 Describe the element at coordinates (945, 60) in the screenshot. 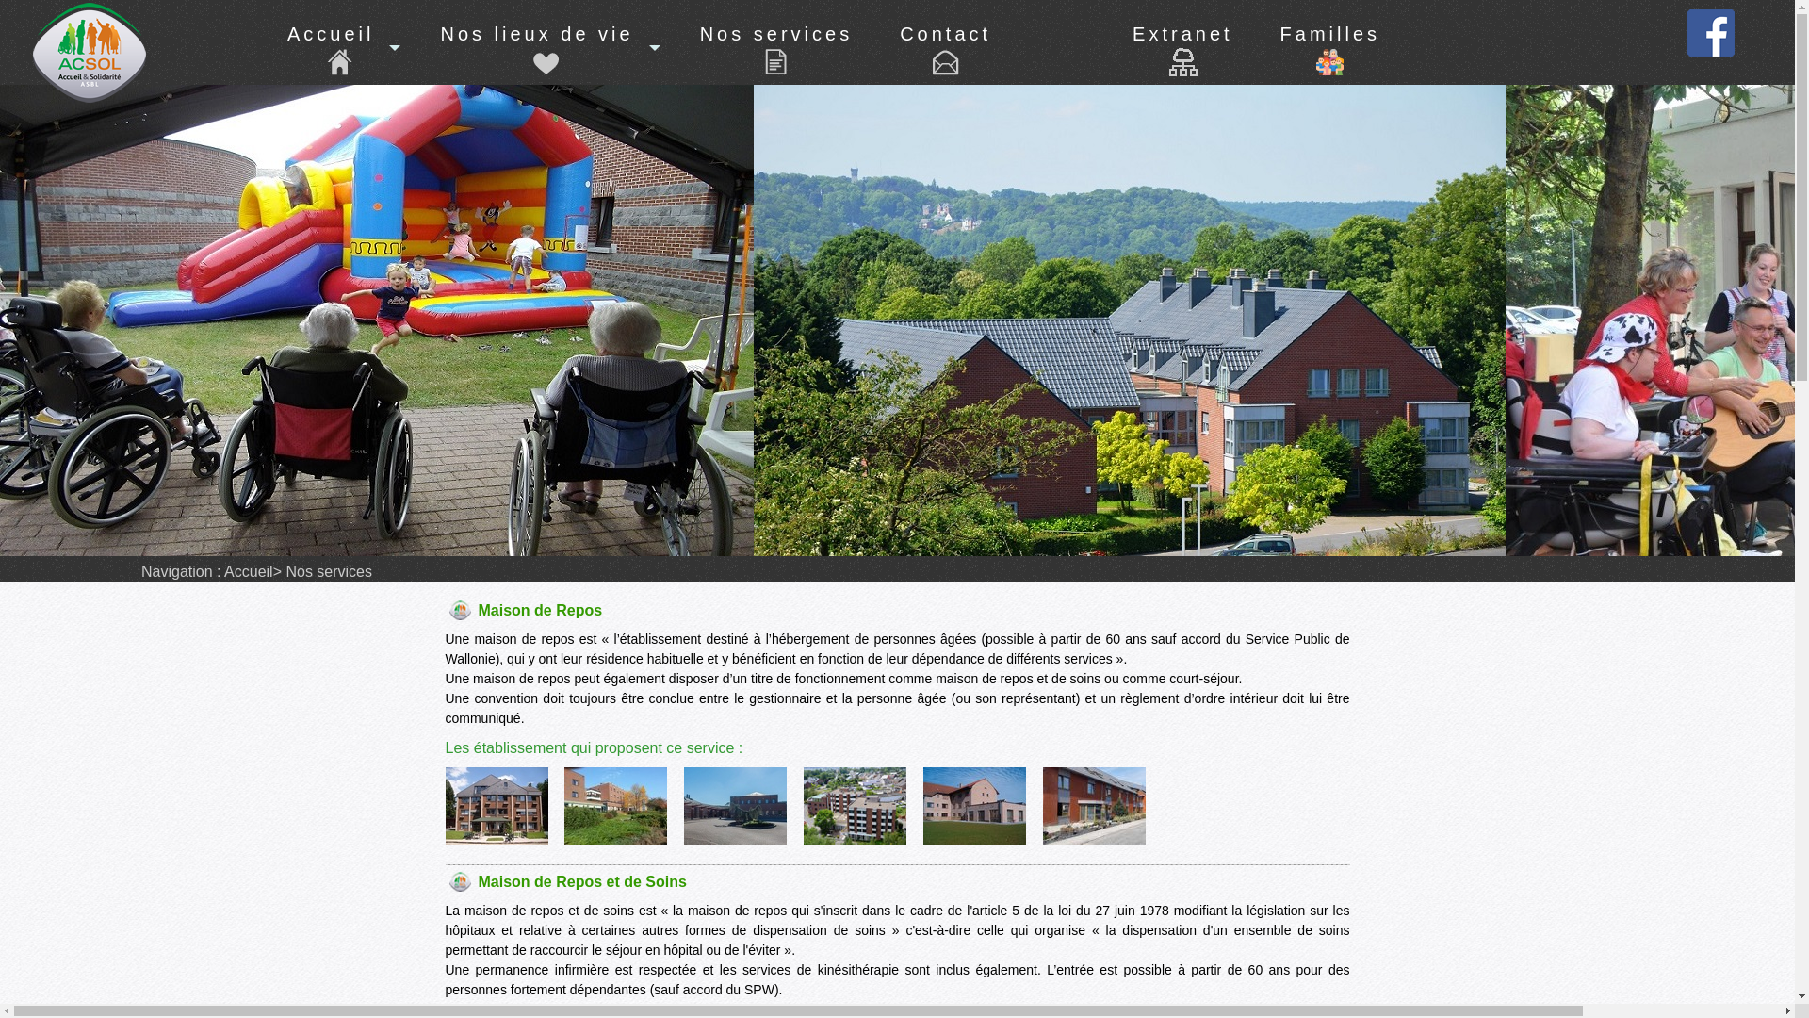

I see `'Contact'` at that location.